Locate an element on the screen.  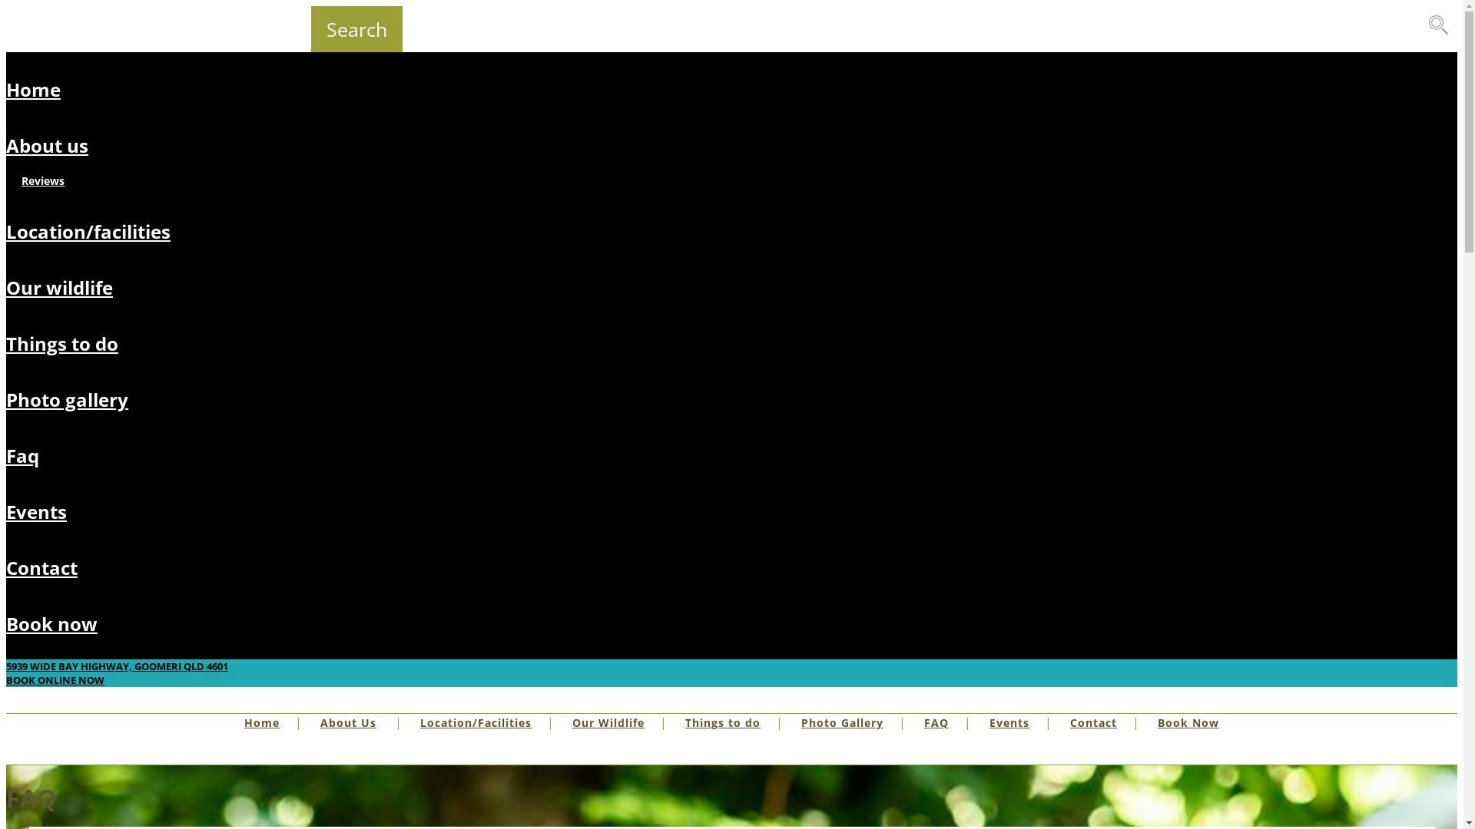
'reviews' is located at coordinates (43, 180).